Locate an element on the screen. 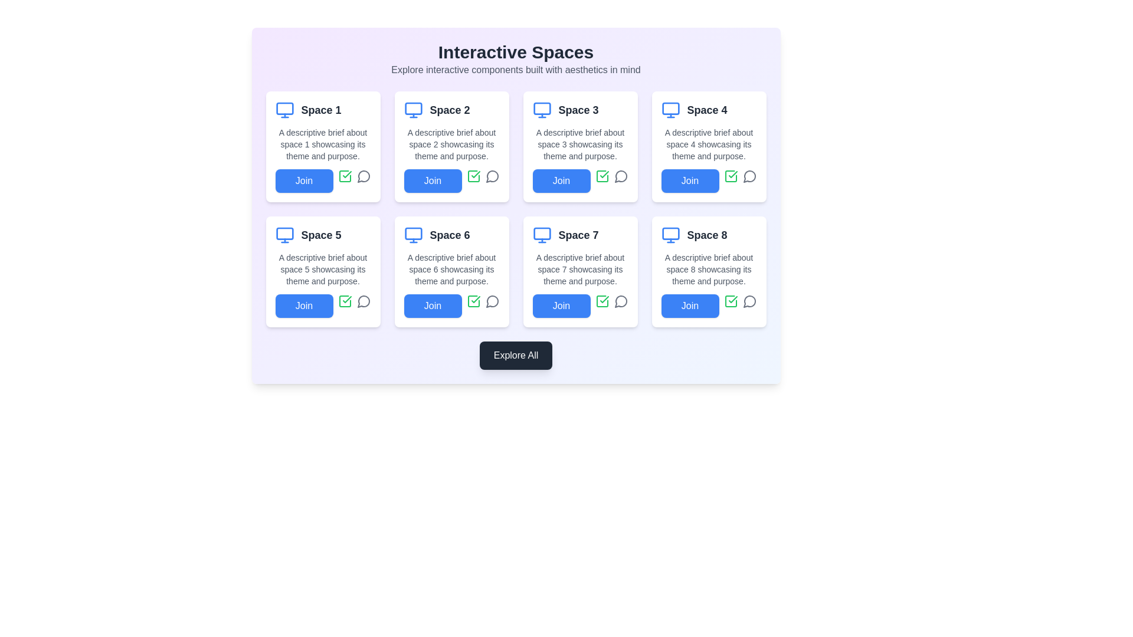 The image size is (1133, 637). the central button located at the bottom of the interface is located at coordinates (516, 354).